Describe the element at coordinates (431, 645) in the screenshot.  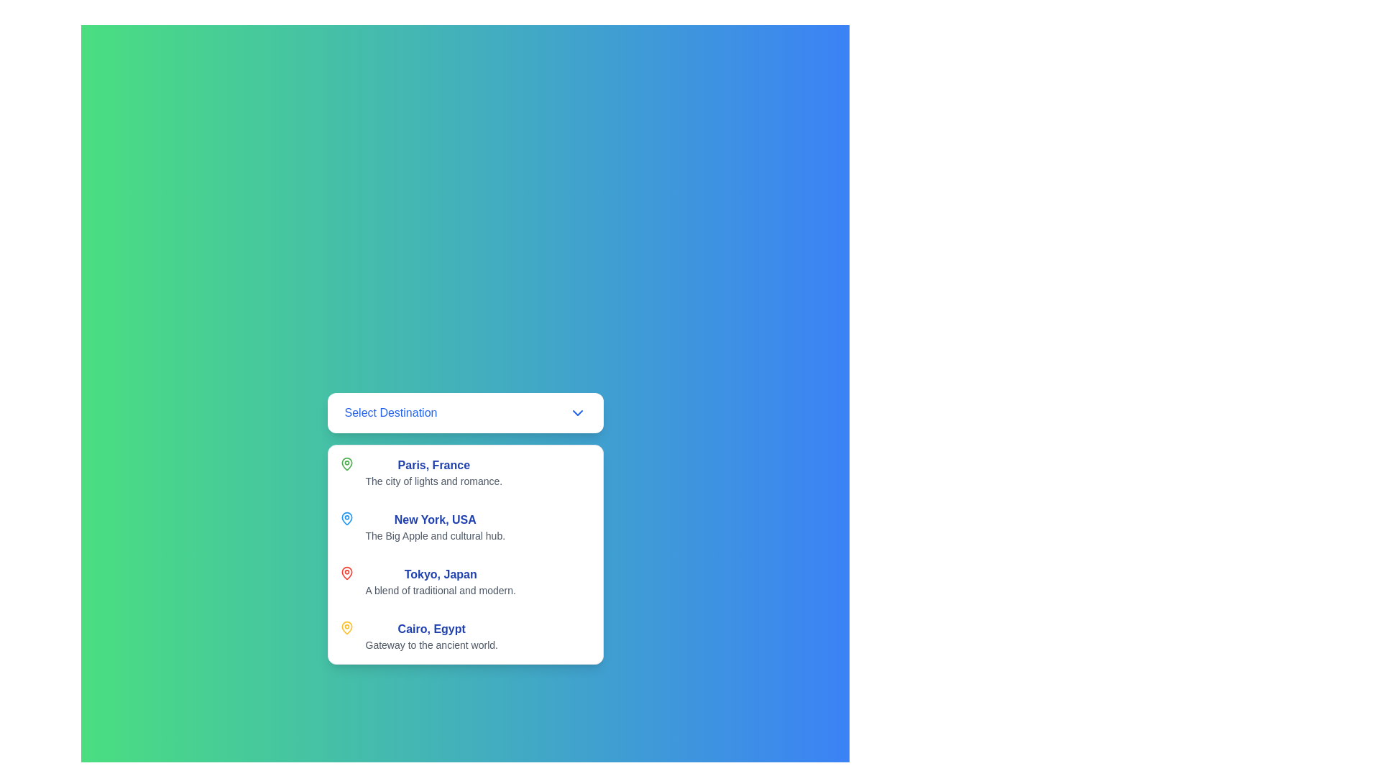
I see `the text label displaying 'Gateway to the ancient world.' located beneath 'Cairo, Egypt' in the dropdown menu` at that location.